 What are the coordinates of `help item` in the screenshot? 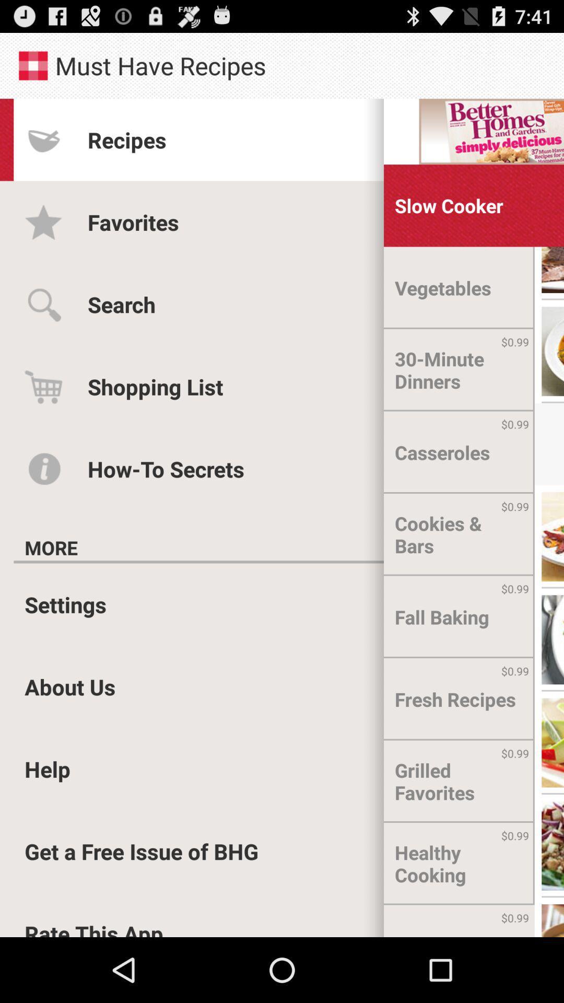 It's located at (48, 769).